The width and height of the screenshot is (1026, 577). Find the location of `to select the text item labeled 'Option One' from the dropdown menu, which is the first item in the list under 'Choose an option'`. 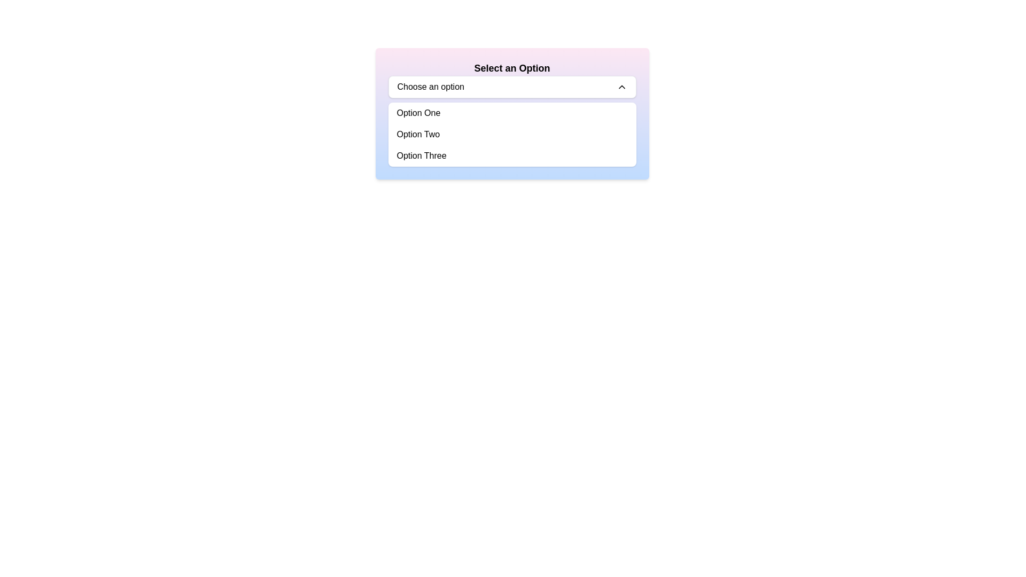

to select the text item labeled 'Option One' from the dropdown menu, which is the first item in the list under 'Choose an option' is located at coordinates (418, 113).